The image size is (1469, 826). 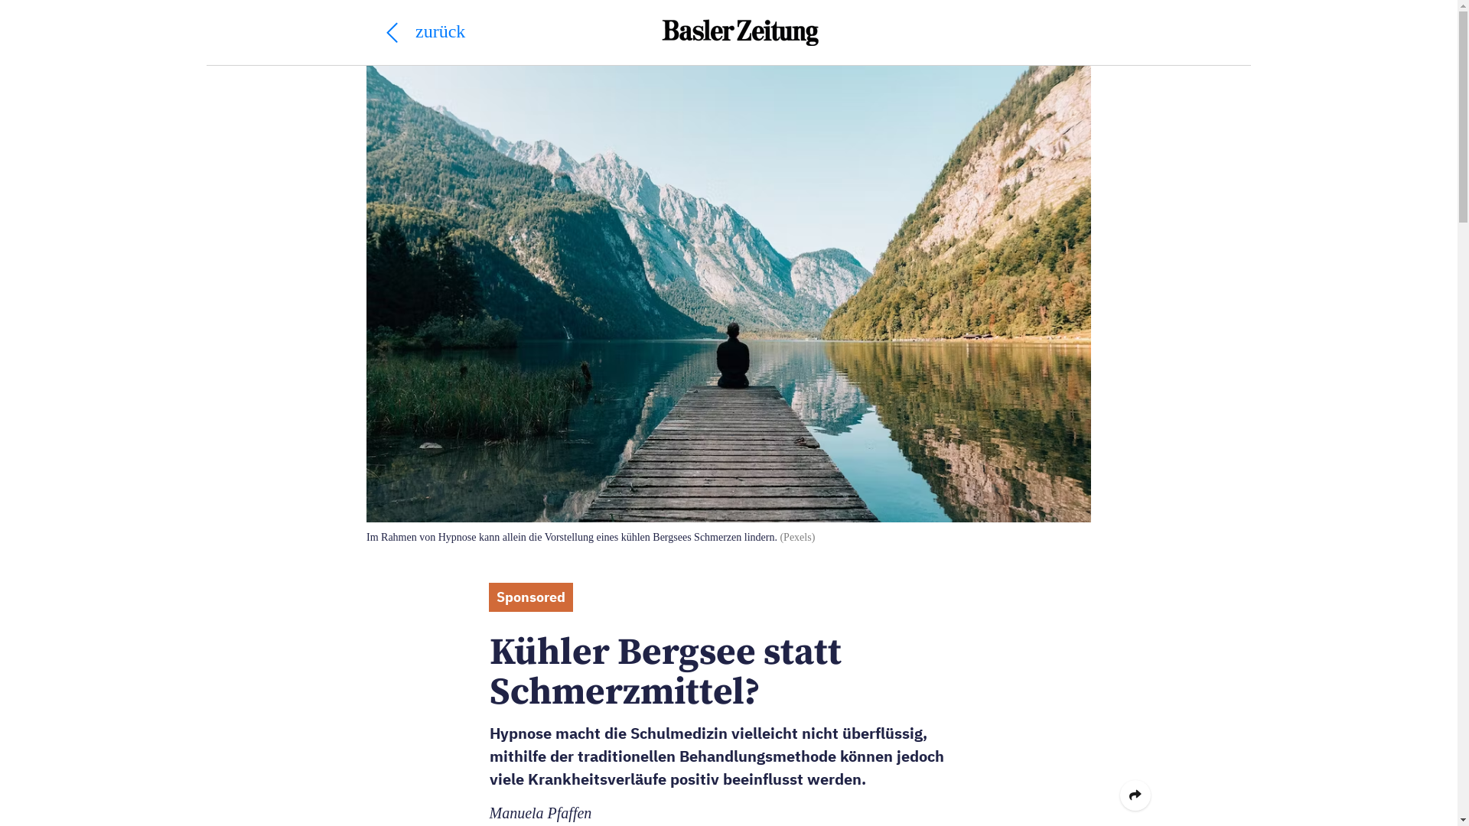 I want to click on 'Basler Zeitung', so click(x=740, y=32).